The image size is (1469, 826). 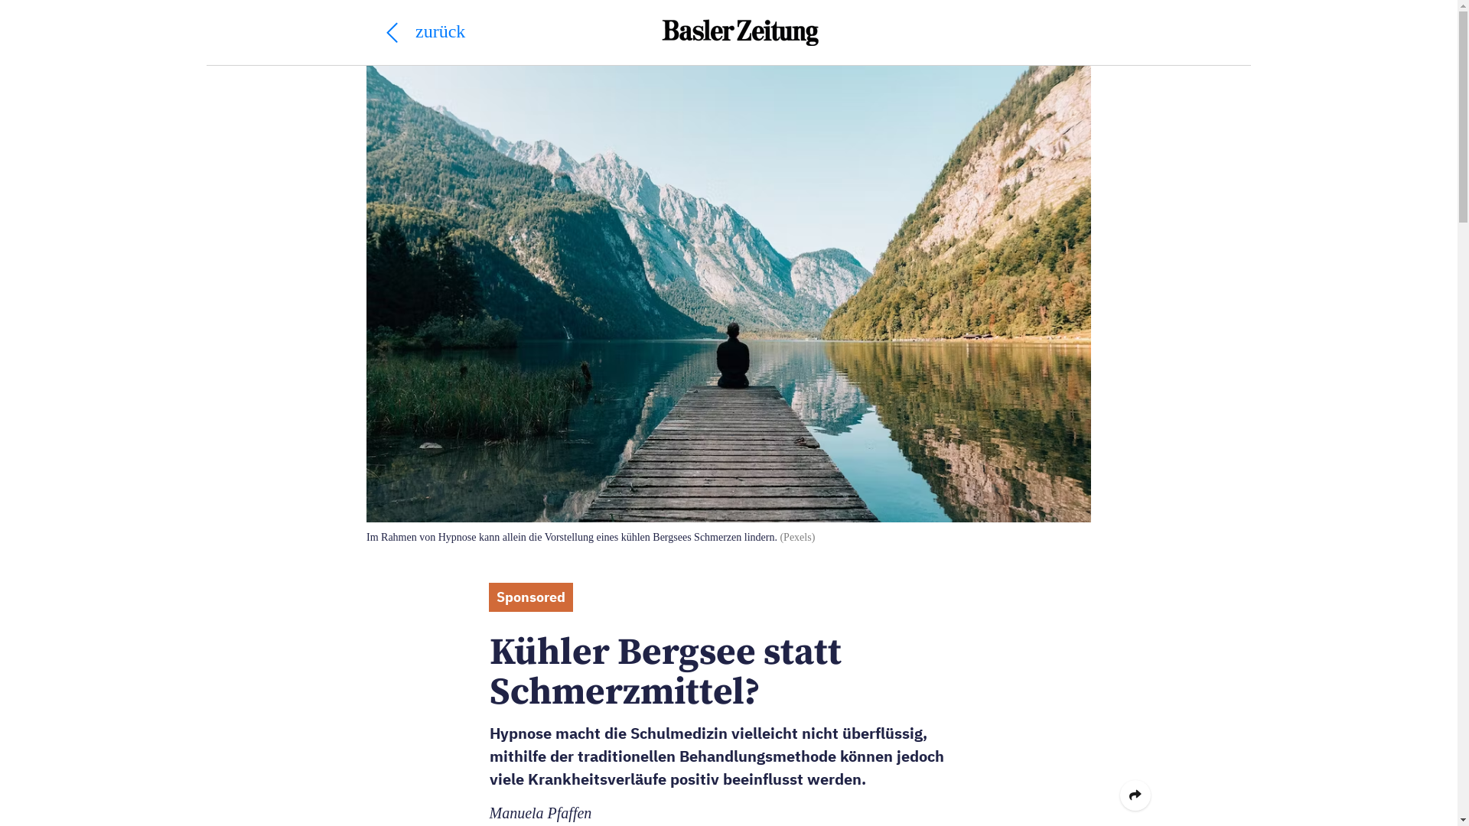 I want to click on 'Basler Zeitung', so click(x=740, y=32).